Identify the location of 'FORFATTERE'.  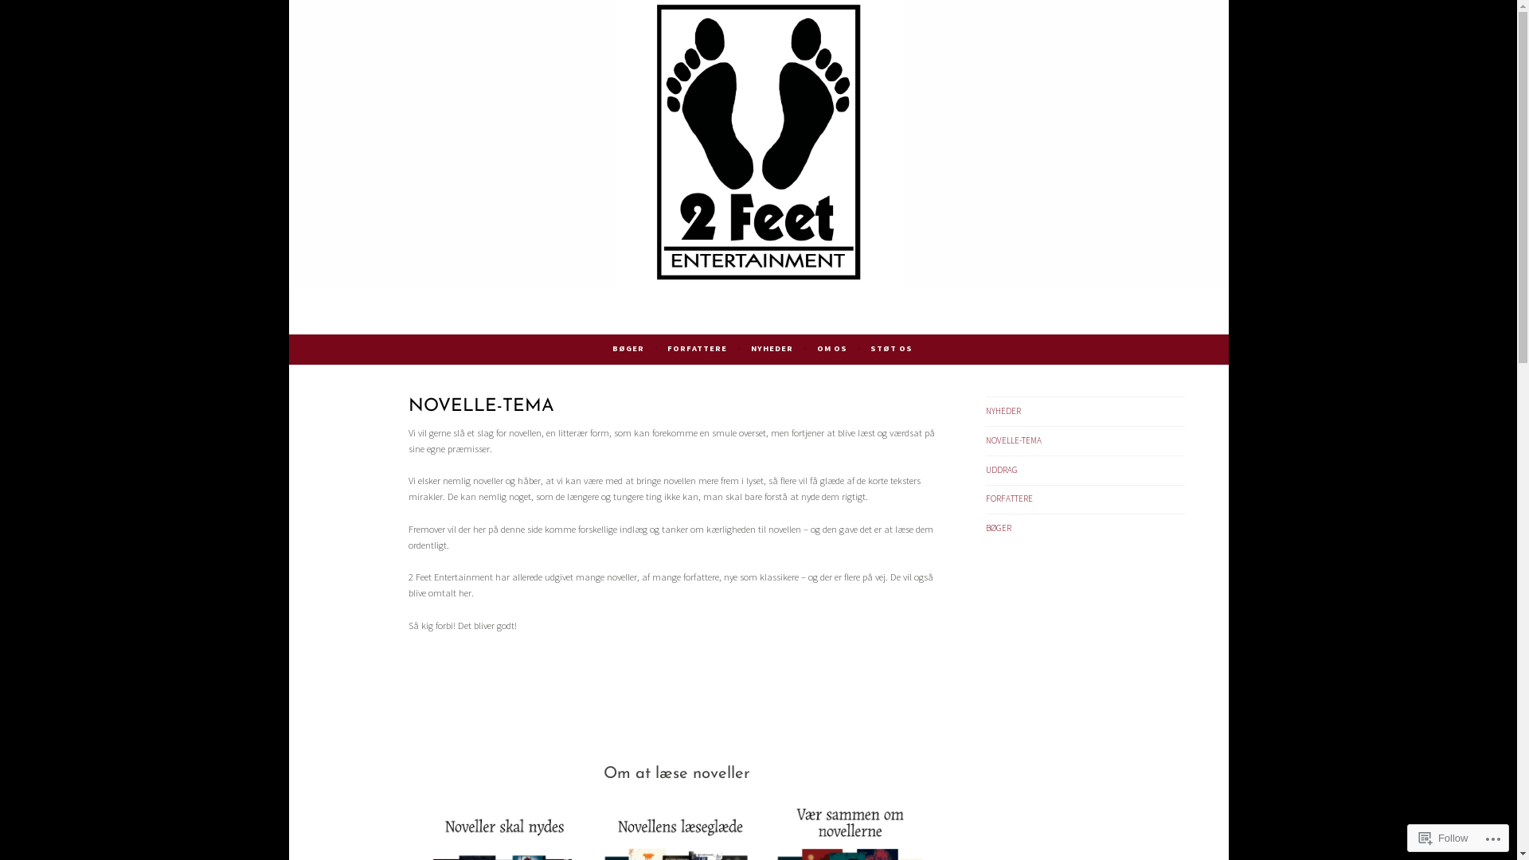
(1008, 497).